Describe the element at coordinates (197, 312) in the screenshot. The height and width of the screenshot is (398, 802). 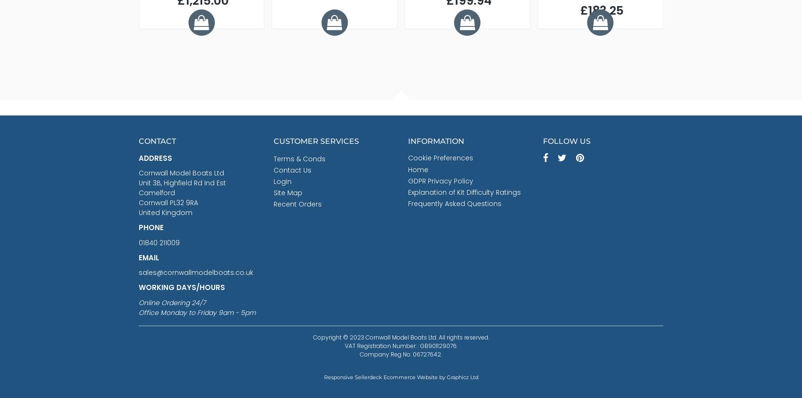
I see `'Office Monday to Friday 9am - 5pm'` at that location.